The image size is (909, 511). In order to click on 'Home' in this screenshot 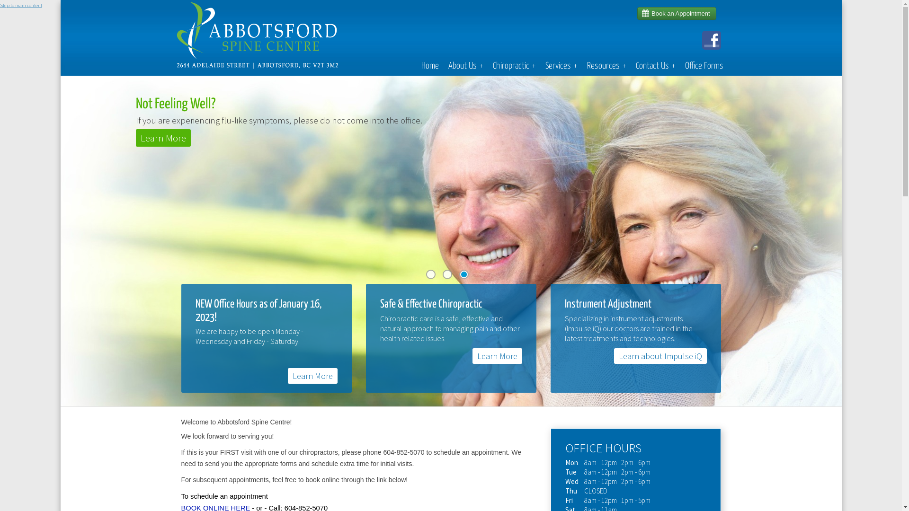, I will do `click(429, 65)`.